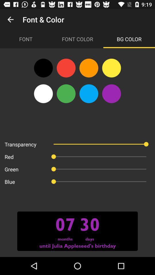 Image resolution: width=155 pixels, height=275 pixels. Describe the element at coordinates (129, 39) in the screenshot. I see `the bg color icon` at that location.